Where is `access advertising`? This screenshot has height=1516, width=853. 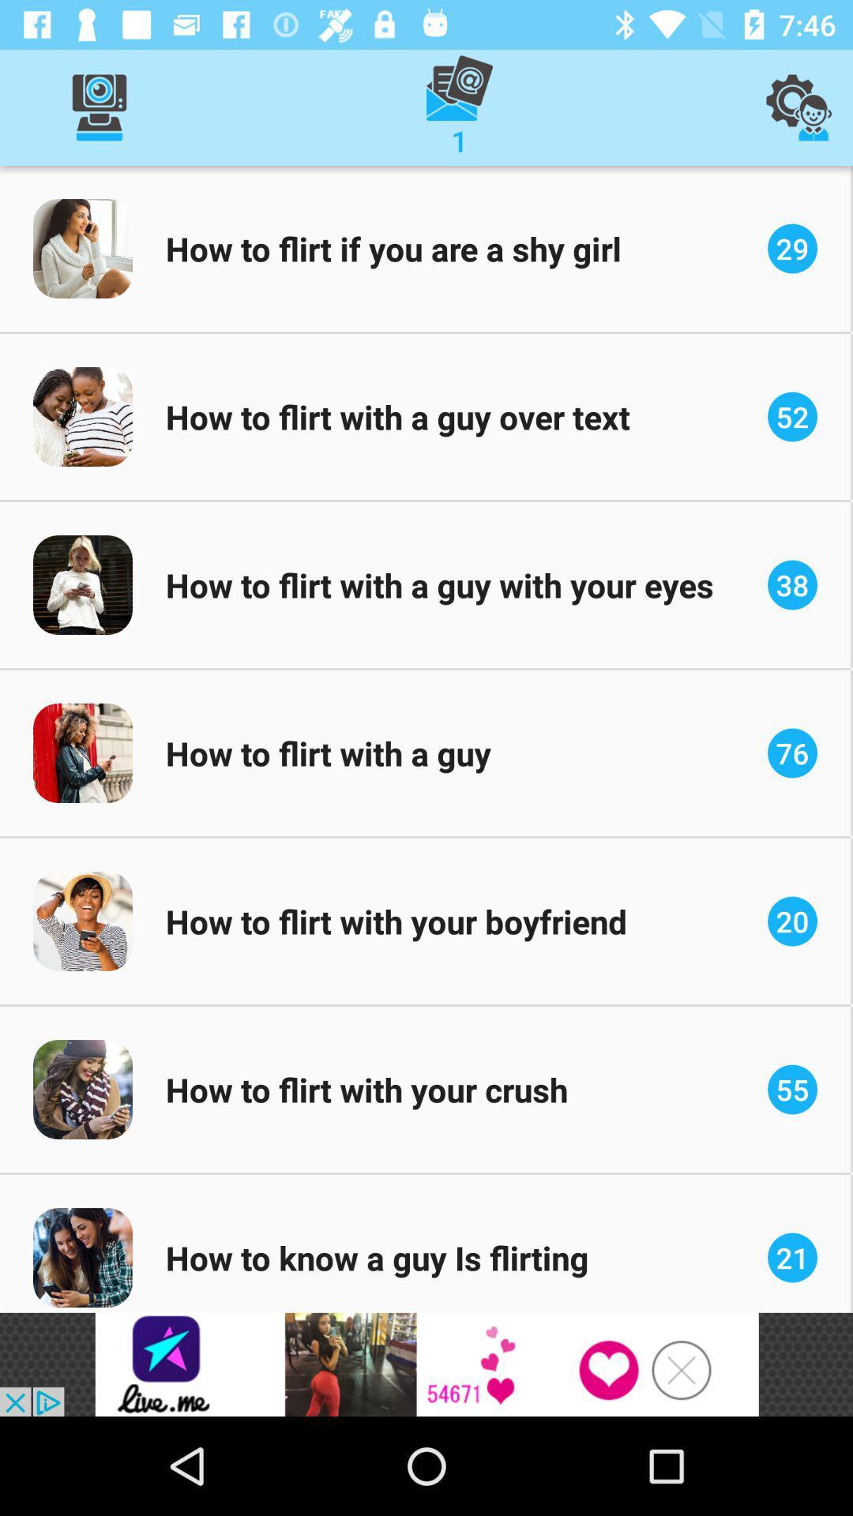 access advertising is located at coordinates (426, 1364).